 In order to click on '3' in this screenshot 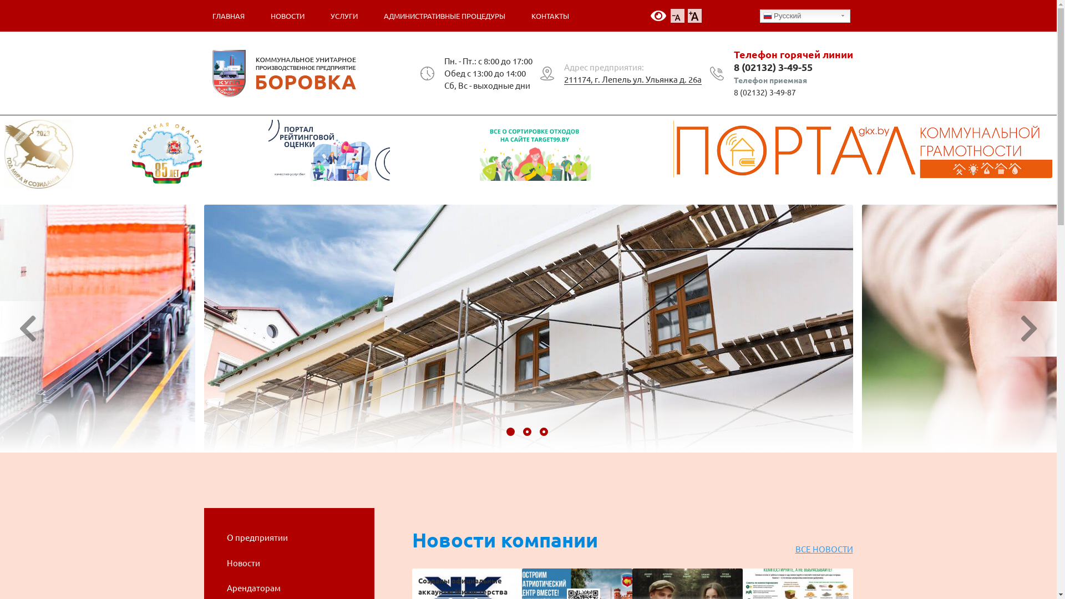, I will do `click(545, 432)`.